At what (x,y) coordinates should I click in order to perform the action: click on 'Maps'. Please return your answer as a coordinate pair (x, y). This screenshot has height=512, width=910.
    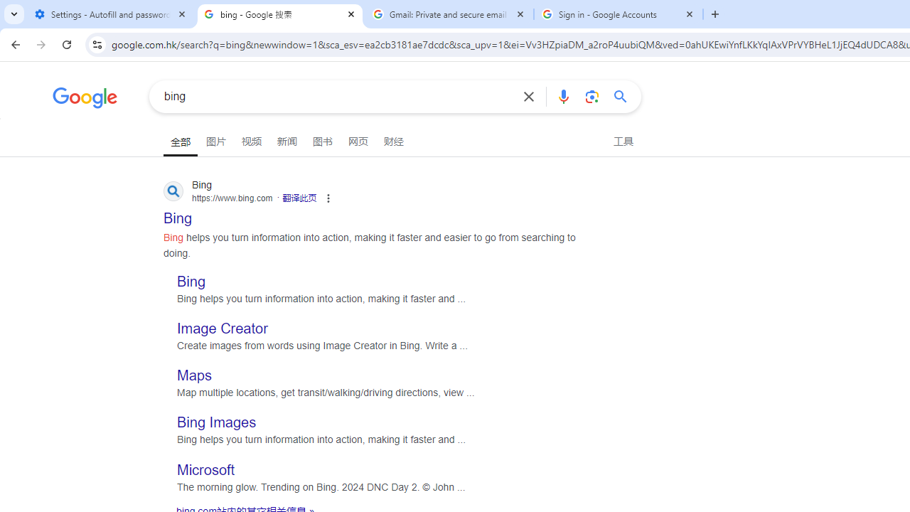
    Looking at the image, I should click on (193, 375).